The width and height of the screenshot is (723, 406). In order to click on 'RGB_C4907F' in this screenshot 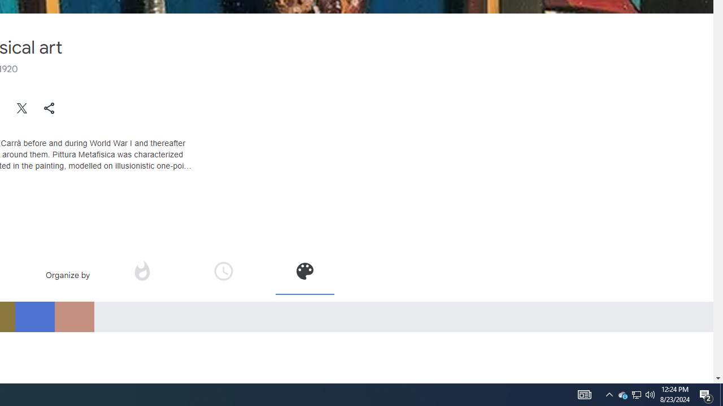, I will do `click(73, 316)`.